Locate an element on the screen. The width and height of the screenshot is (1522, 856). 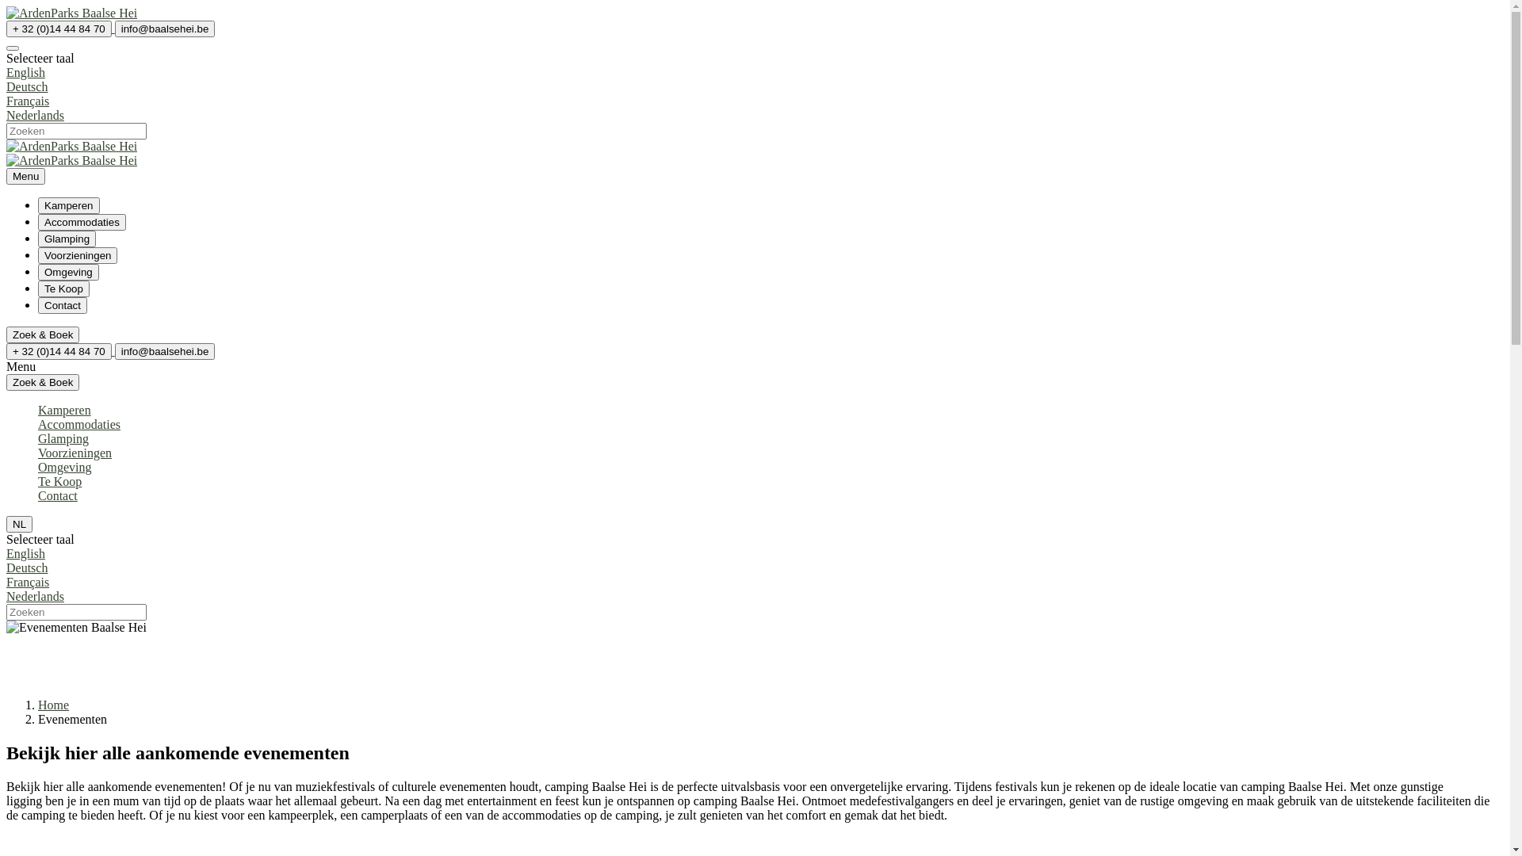
'Zoek & Boek' is located at coordinates (42, 333).